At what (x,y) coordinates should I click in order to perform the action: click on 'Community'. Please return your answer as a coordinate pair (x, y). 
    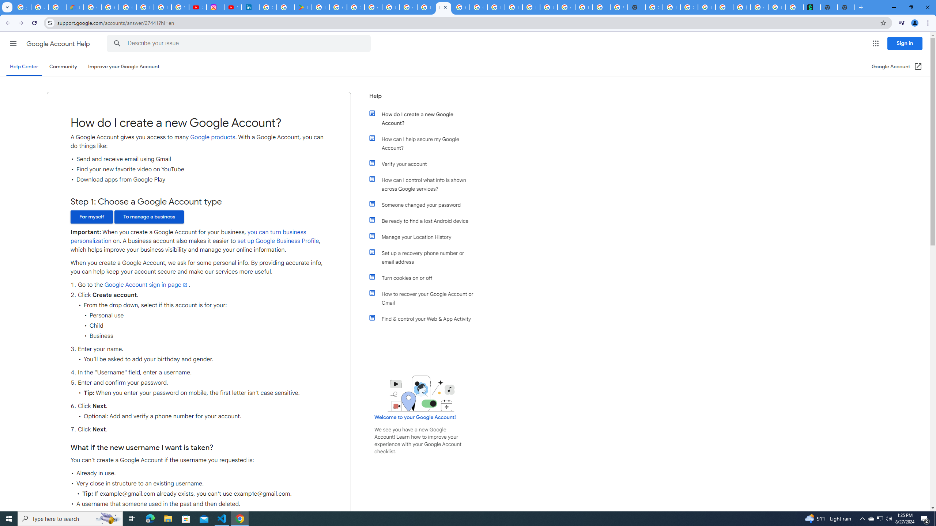
    Looking at the image, I should click on (63, 66).